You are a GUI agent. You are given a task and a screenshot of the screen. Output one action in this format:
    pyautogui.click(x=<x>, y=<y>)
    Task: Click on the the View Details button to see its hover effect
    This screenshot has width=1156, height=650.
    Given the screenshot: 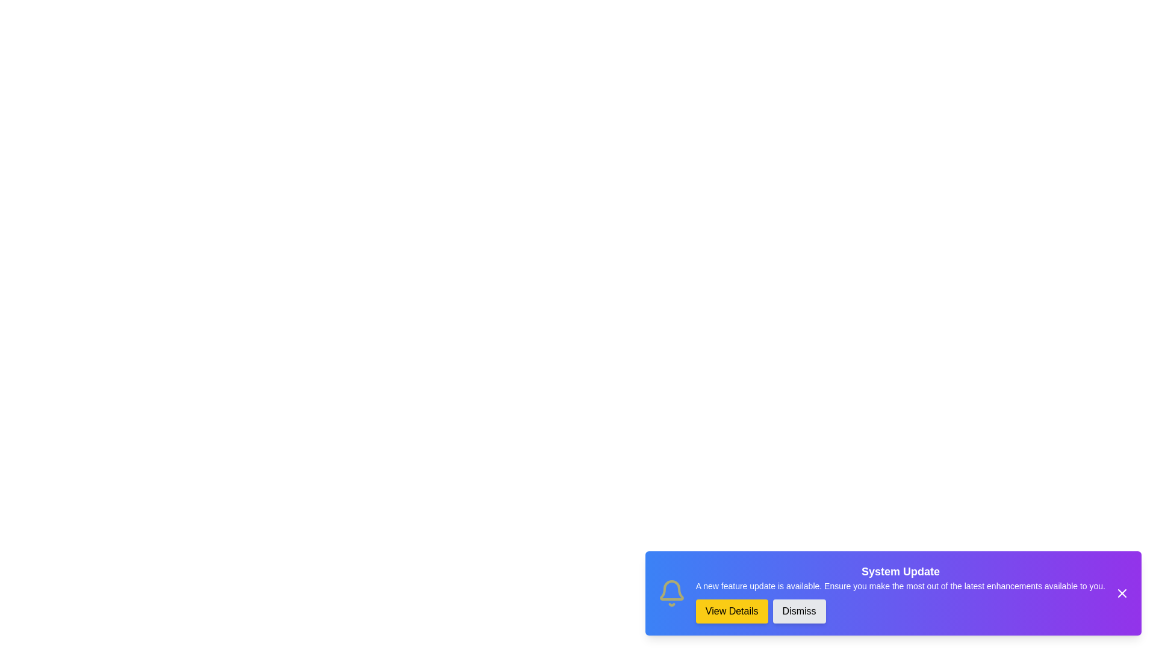 What is the action you would take?
    pyautogui.click(x=731, y=611)
    